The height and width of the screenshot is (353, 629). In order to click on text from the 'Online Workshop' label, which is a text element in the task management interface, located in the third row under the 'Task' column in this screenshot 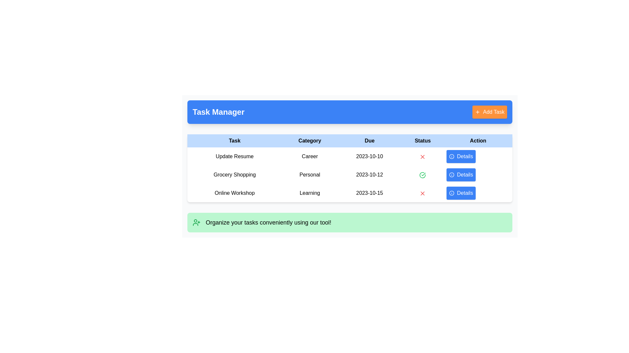, I will do `click(235, 193)`.